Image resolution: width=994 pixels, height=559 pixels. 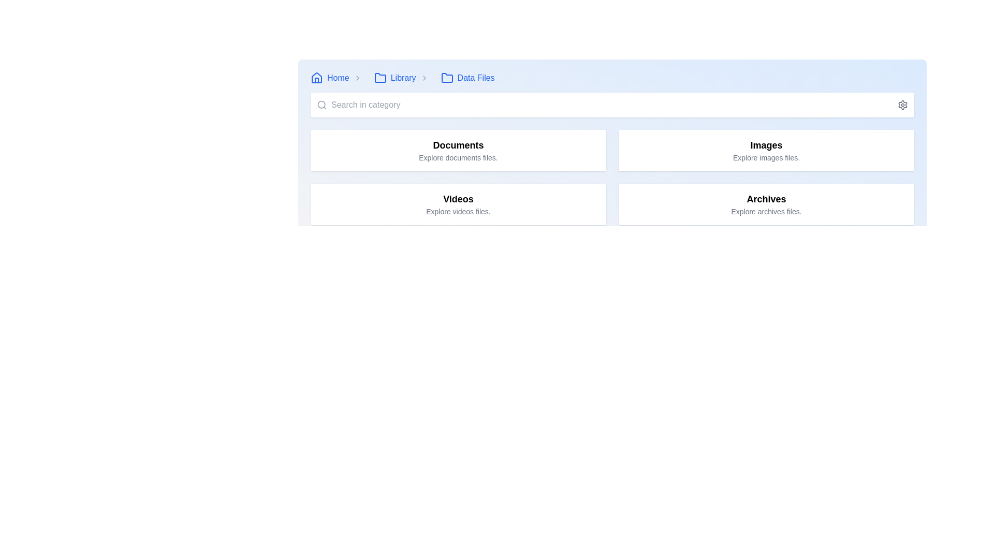 What do you see at coordinates (902, 105) in the screenshot?
I see `the gear-shaped settings icon located at the top-right corner of the search bar` at bounding box center [902, 105].